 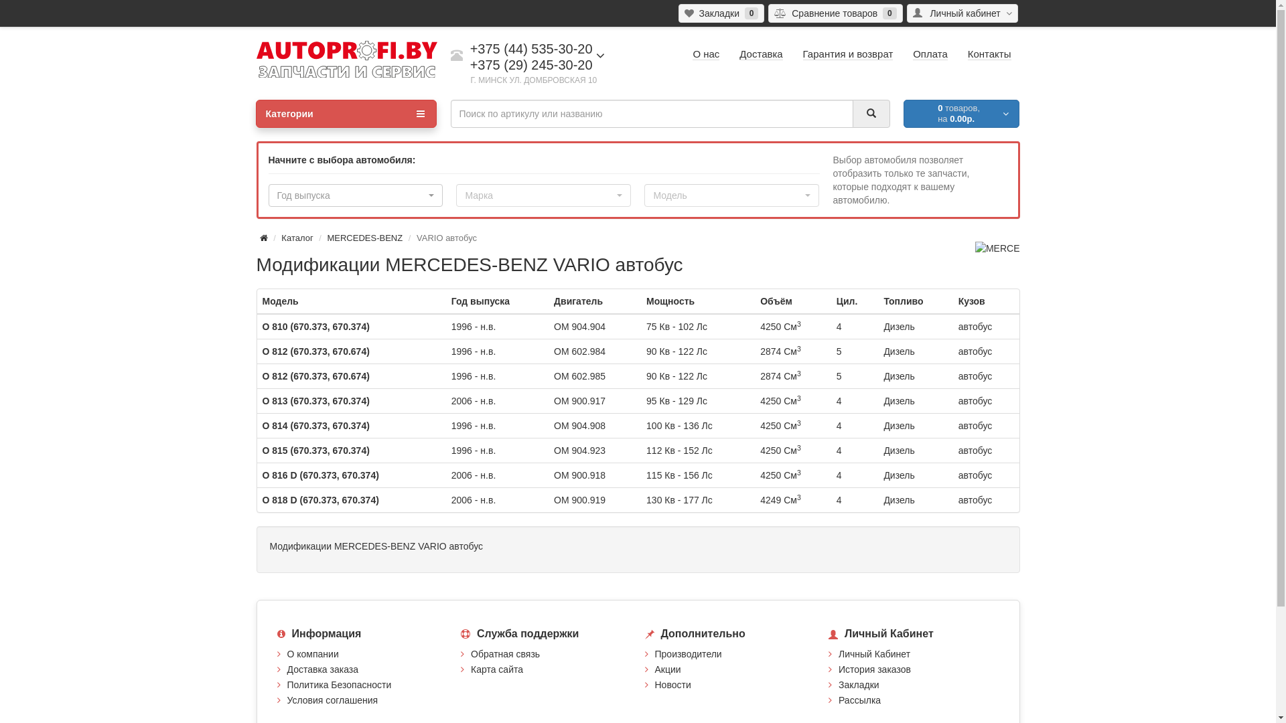 What do you see at coordinates (263, 450) in the screenshot?
I see `'O 815 (670.373, 670.374)'` at bounding box center [263, 450].